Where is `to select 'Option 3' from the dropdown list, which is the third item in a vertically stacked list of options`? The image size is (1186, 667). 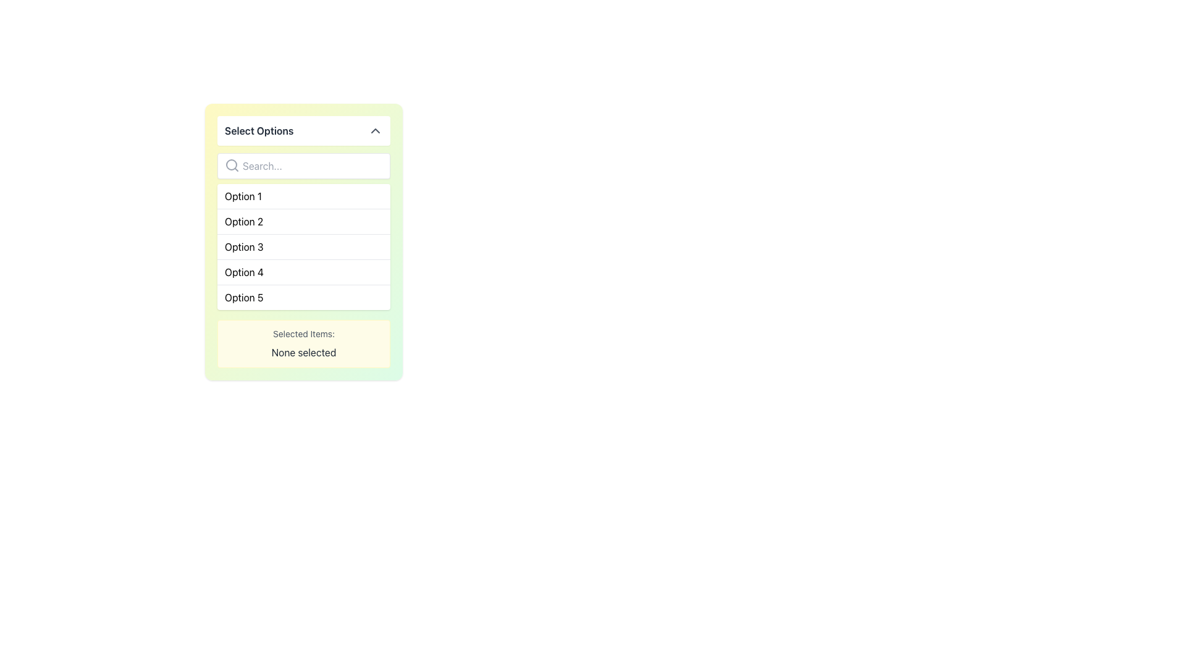
to select 'Option 3' from the dropdown list, which is the third item in a vertically stacked list of options is located at coordinates (303, 246).